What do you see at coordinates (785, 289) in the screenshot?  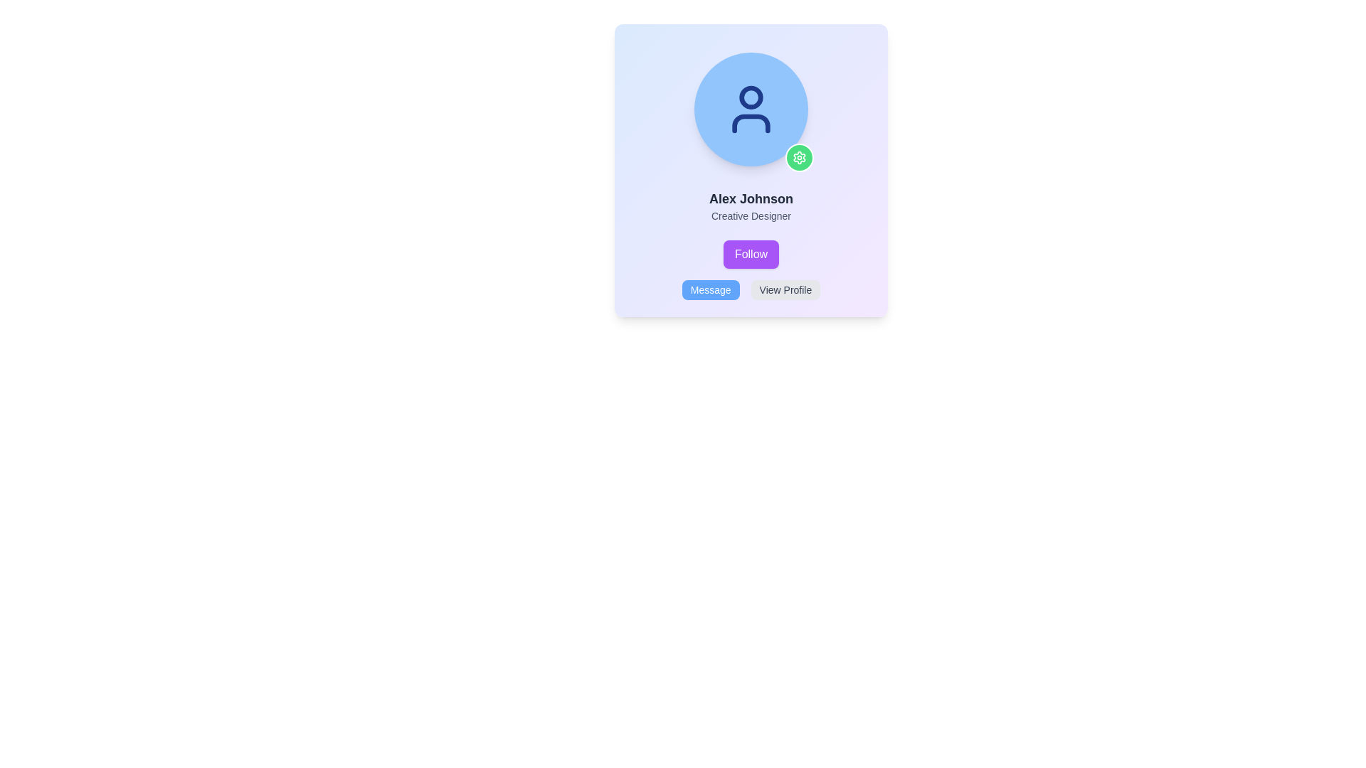 I see `the 'View Profile' button, which is a rectangular button with rounded edges, gray background, and medium-sized gray text, located to the right of the 'Message' button at the bottom of the user card` at bounding box center [785, 289].